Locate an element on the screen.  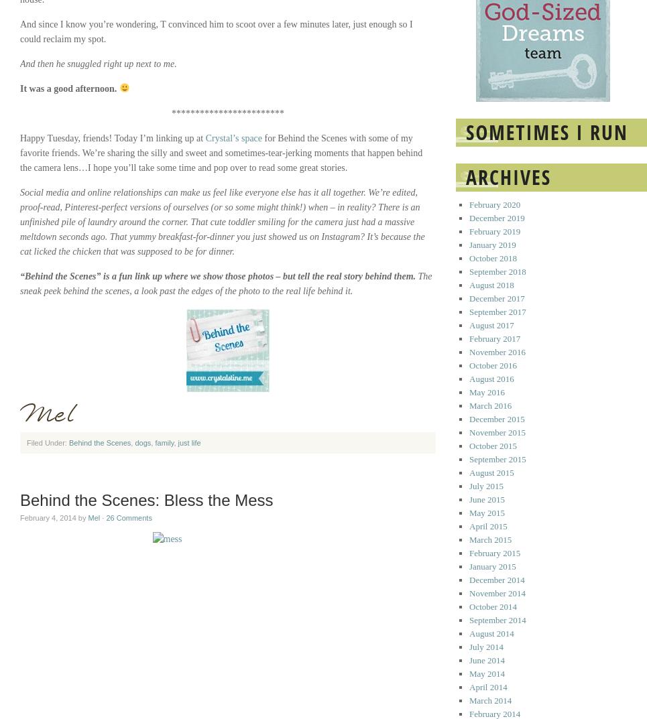
'Social media and online relationships can make us feel like everyone else has it all together. We’re edited, proof-read, Pinterest-perfect versions of ourselves (or so some might think!) when – in reality? There is an unfinished pile of laundry around the corner. That cute toddler smiling for the camera just had a massive meltdown seconds ago. That yummy breakfast-for-dinner you just showed us on Instagram? It’s because the cat licked the chicken that was supposed to be for dinner.' is located at coordinates (221, 222).